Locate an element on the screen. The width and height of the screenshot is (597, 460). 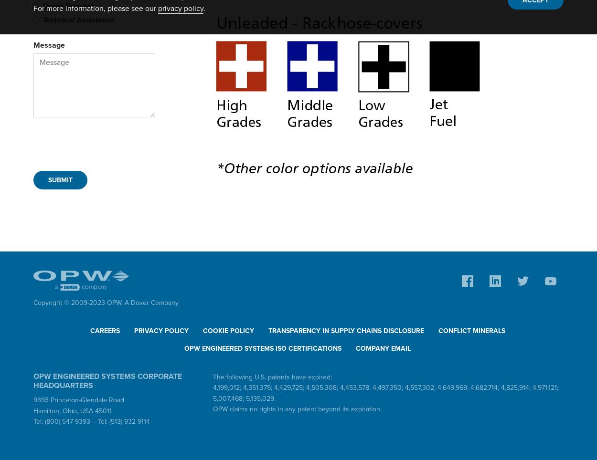
'Company Email' is located at coordinates (383, 348).